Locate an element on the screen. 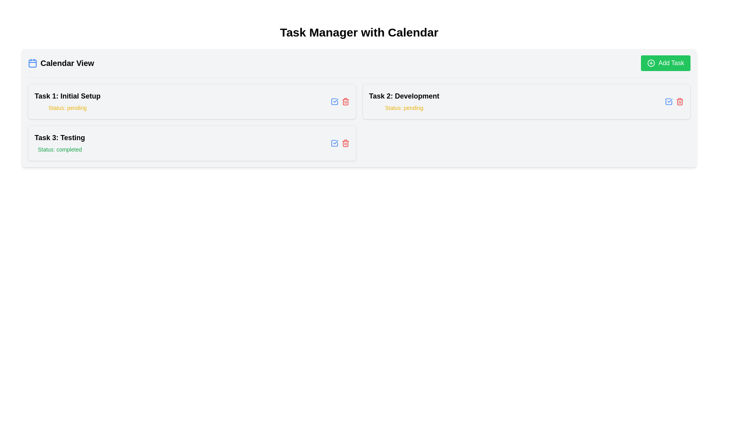 This screenshot has width=755, height=424. the static text indicating the status of 'Task 1: Initial Setup', which displays that the task is currently in a 'pending' state is located at coordinates (67, 108).